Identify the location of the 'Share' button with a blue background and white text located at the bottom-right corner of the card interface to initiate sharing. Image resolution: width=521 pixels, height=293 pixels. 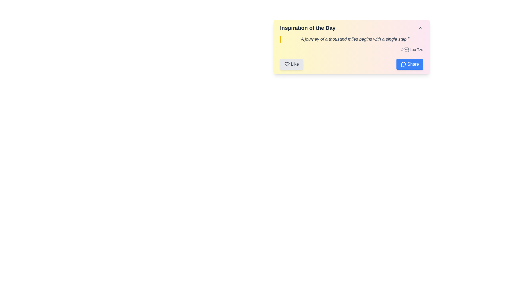
(410, 64).